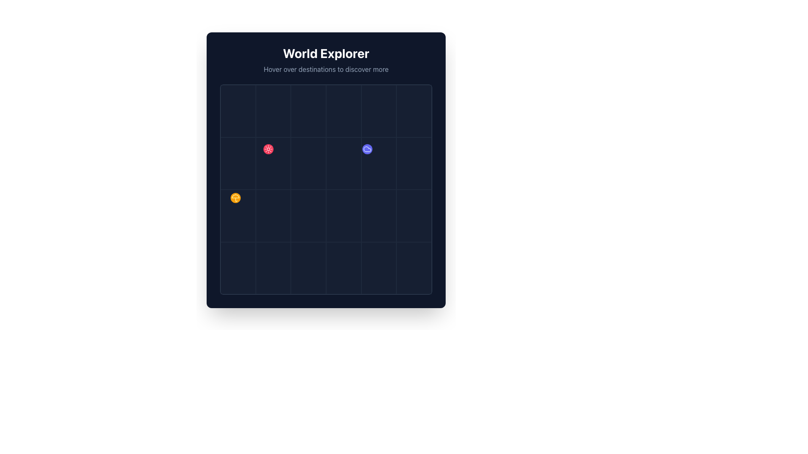  I want to click on the light purple cloud icon centered within the circular button with a darker blue background, so click(367, 148).